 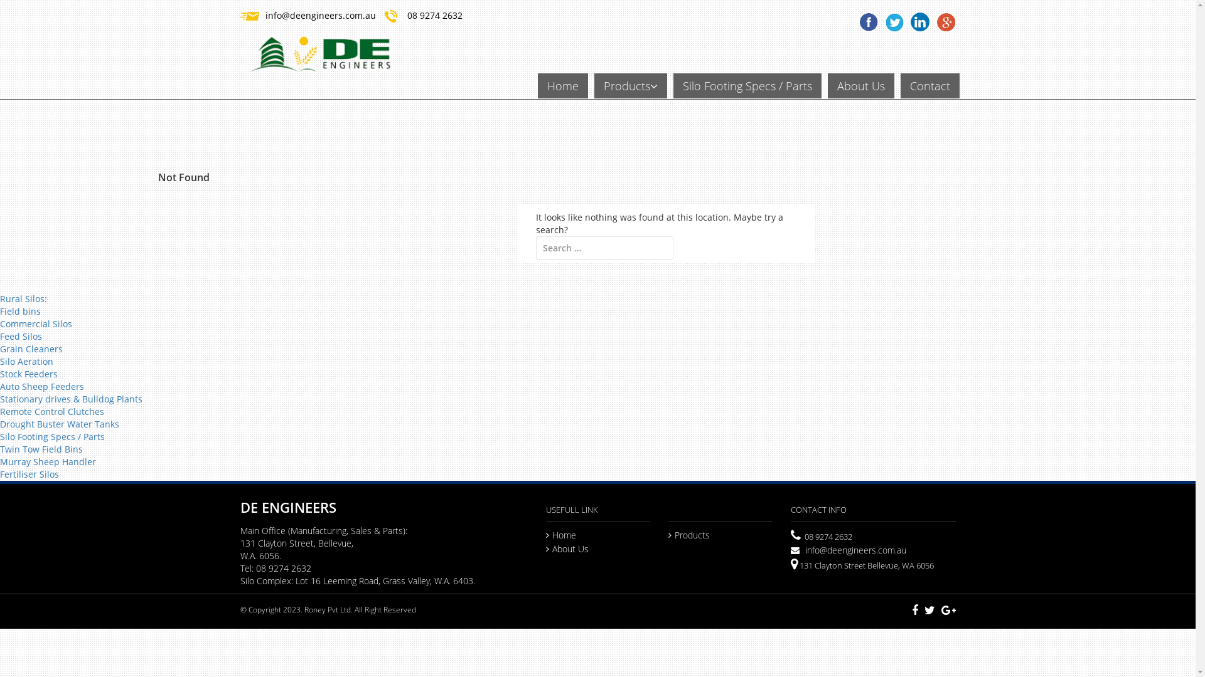 I want to click on 'Silo Aeration', so click(x=26, y=361).